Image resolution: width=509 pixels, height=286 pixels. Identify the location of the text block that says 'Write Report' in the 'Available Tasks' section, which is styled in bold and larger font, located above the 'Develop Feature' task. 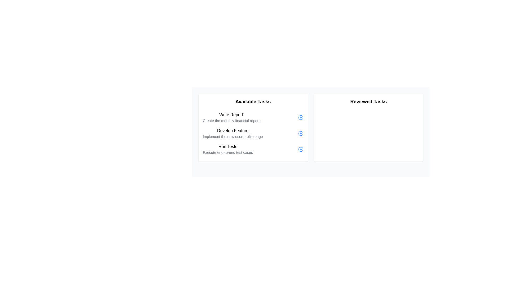
(231, 117).